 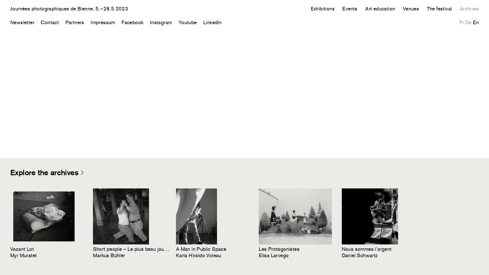 I want to click on 'Facebook', so click(x=132, y=22).